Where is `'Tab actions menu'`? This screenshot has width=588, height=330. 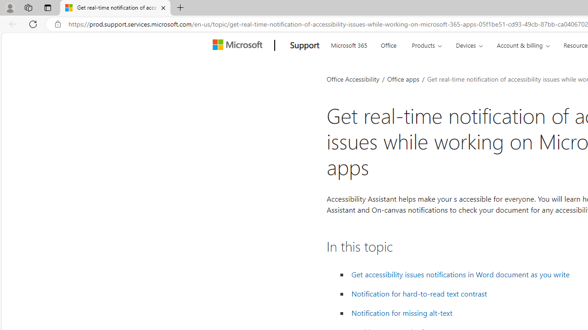 'Tab actions menu' is located at coordinates (47, 7).